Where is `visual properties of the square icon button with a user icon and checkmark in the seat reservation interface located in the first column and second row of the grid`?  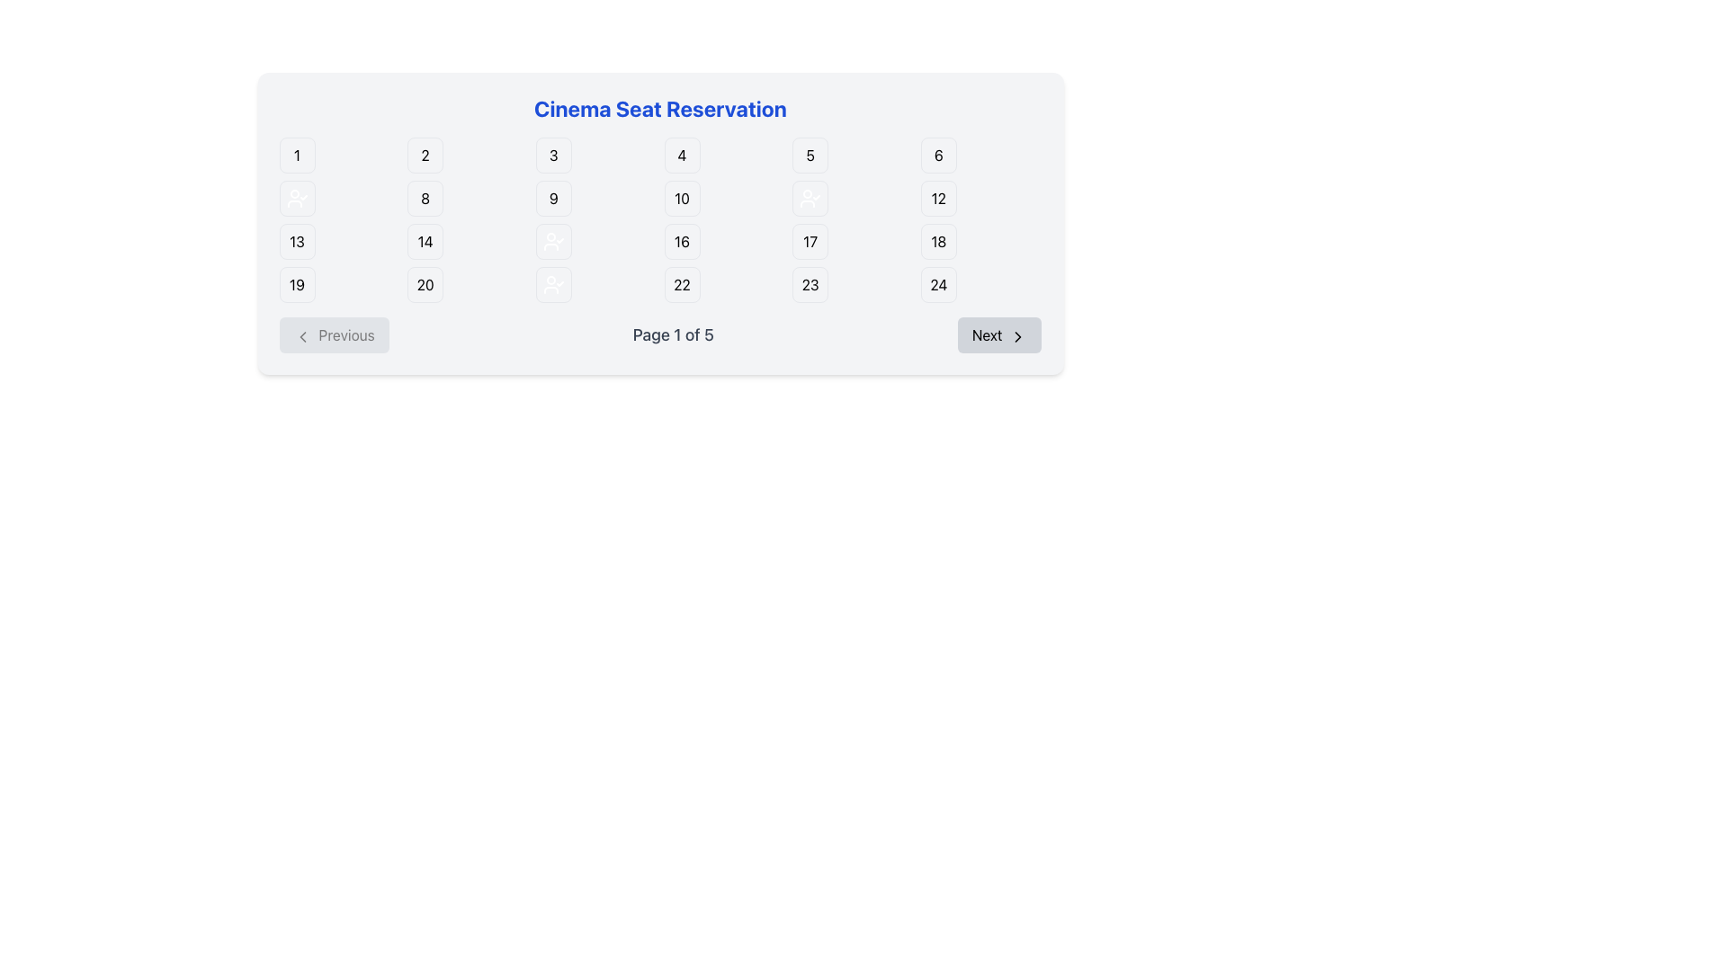
visual properties of the square icon button with a user icon and checkmark in the seat reservation interface located in the first column and second row of the grid is located at coordinates (297, 198).